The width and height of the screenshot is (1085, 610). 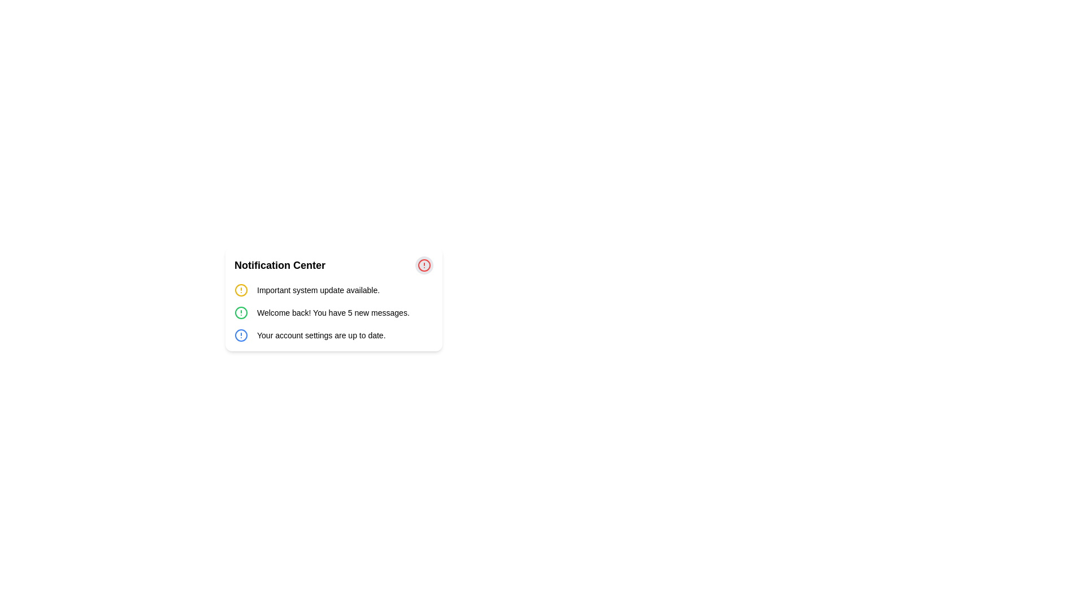 I want to click on the notification indicating that the account settings are current, which is the last item in the notification list below the 'Welcome back! You have 5 new messages.' notification, so click(x=333, y=335).